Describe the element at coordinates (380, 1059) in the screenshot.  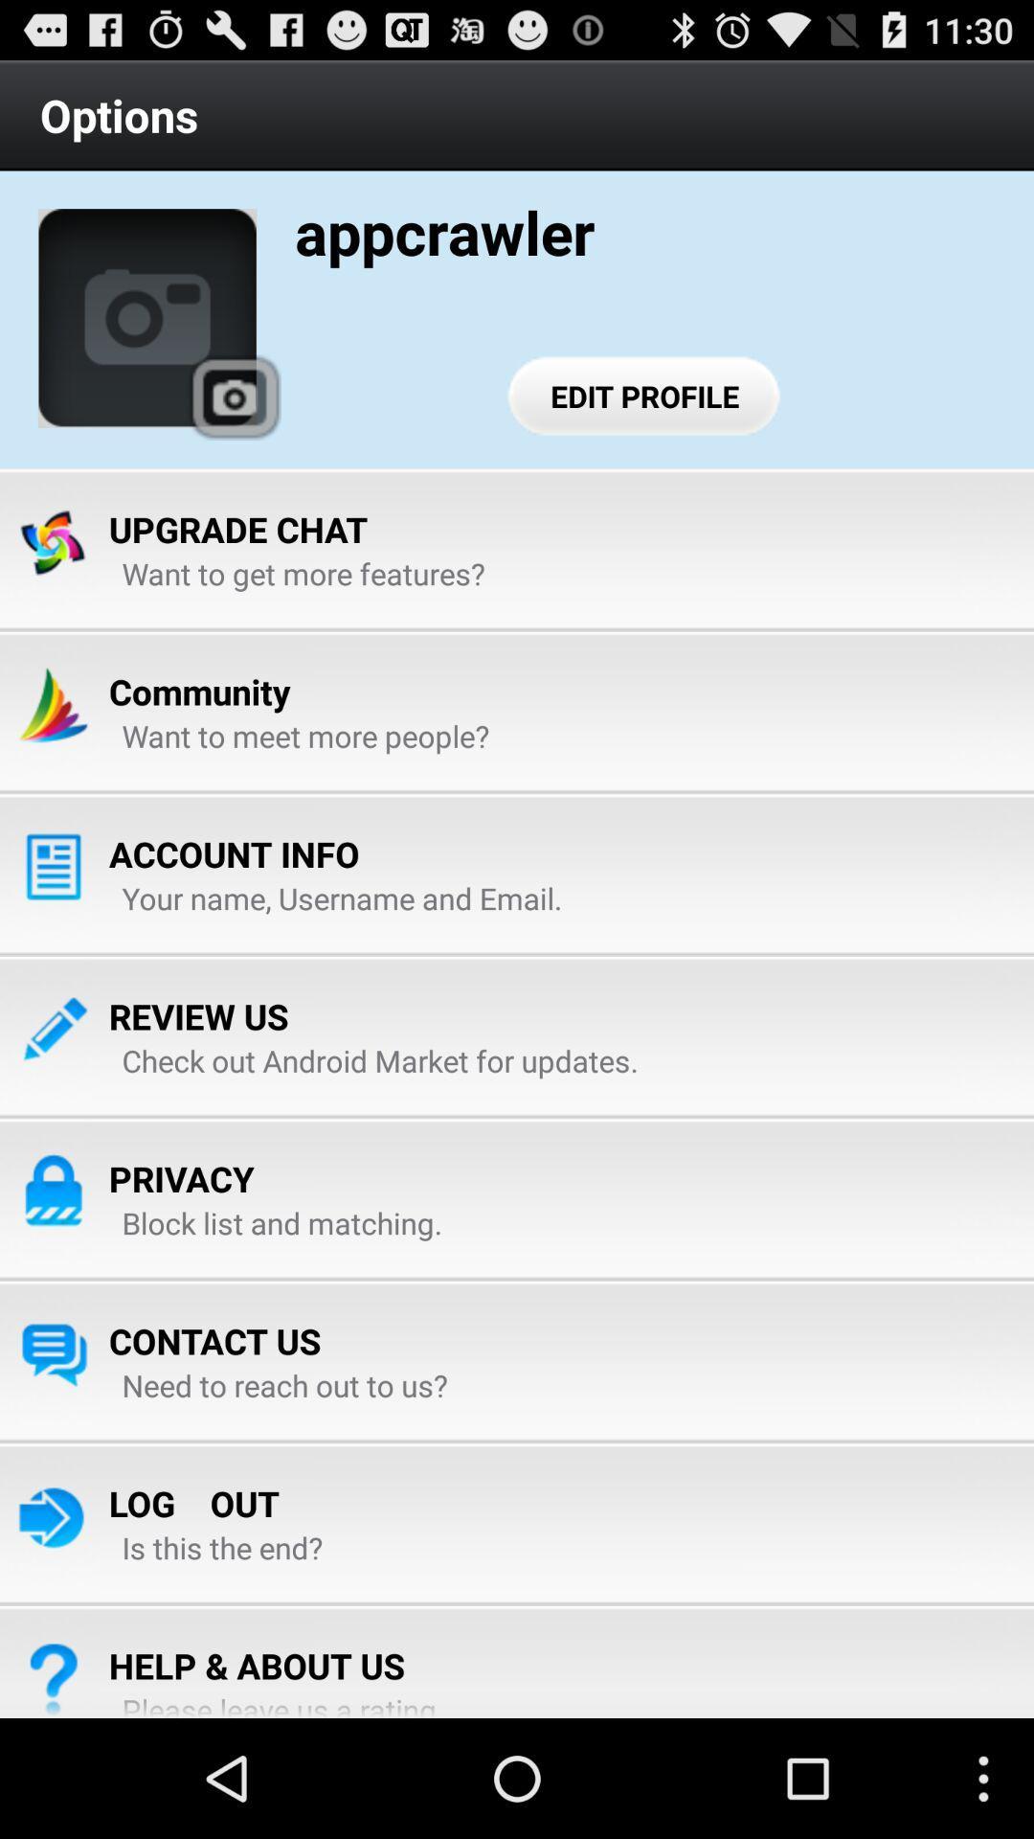
I see `the item above privacy item` at that location.